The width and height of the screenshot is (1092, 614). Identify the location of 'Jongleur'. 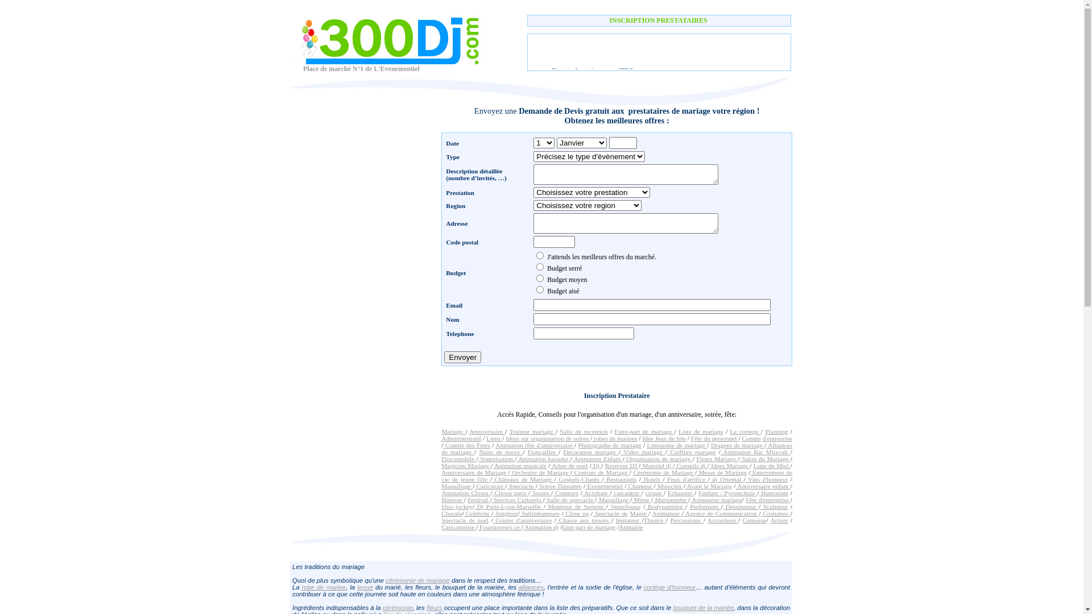
(504, 513).